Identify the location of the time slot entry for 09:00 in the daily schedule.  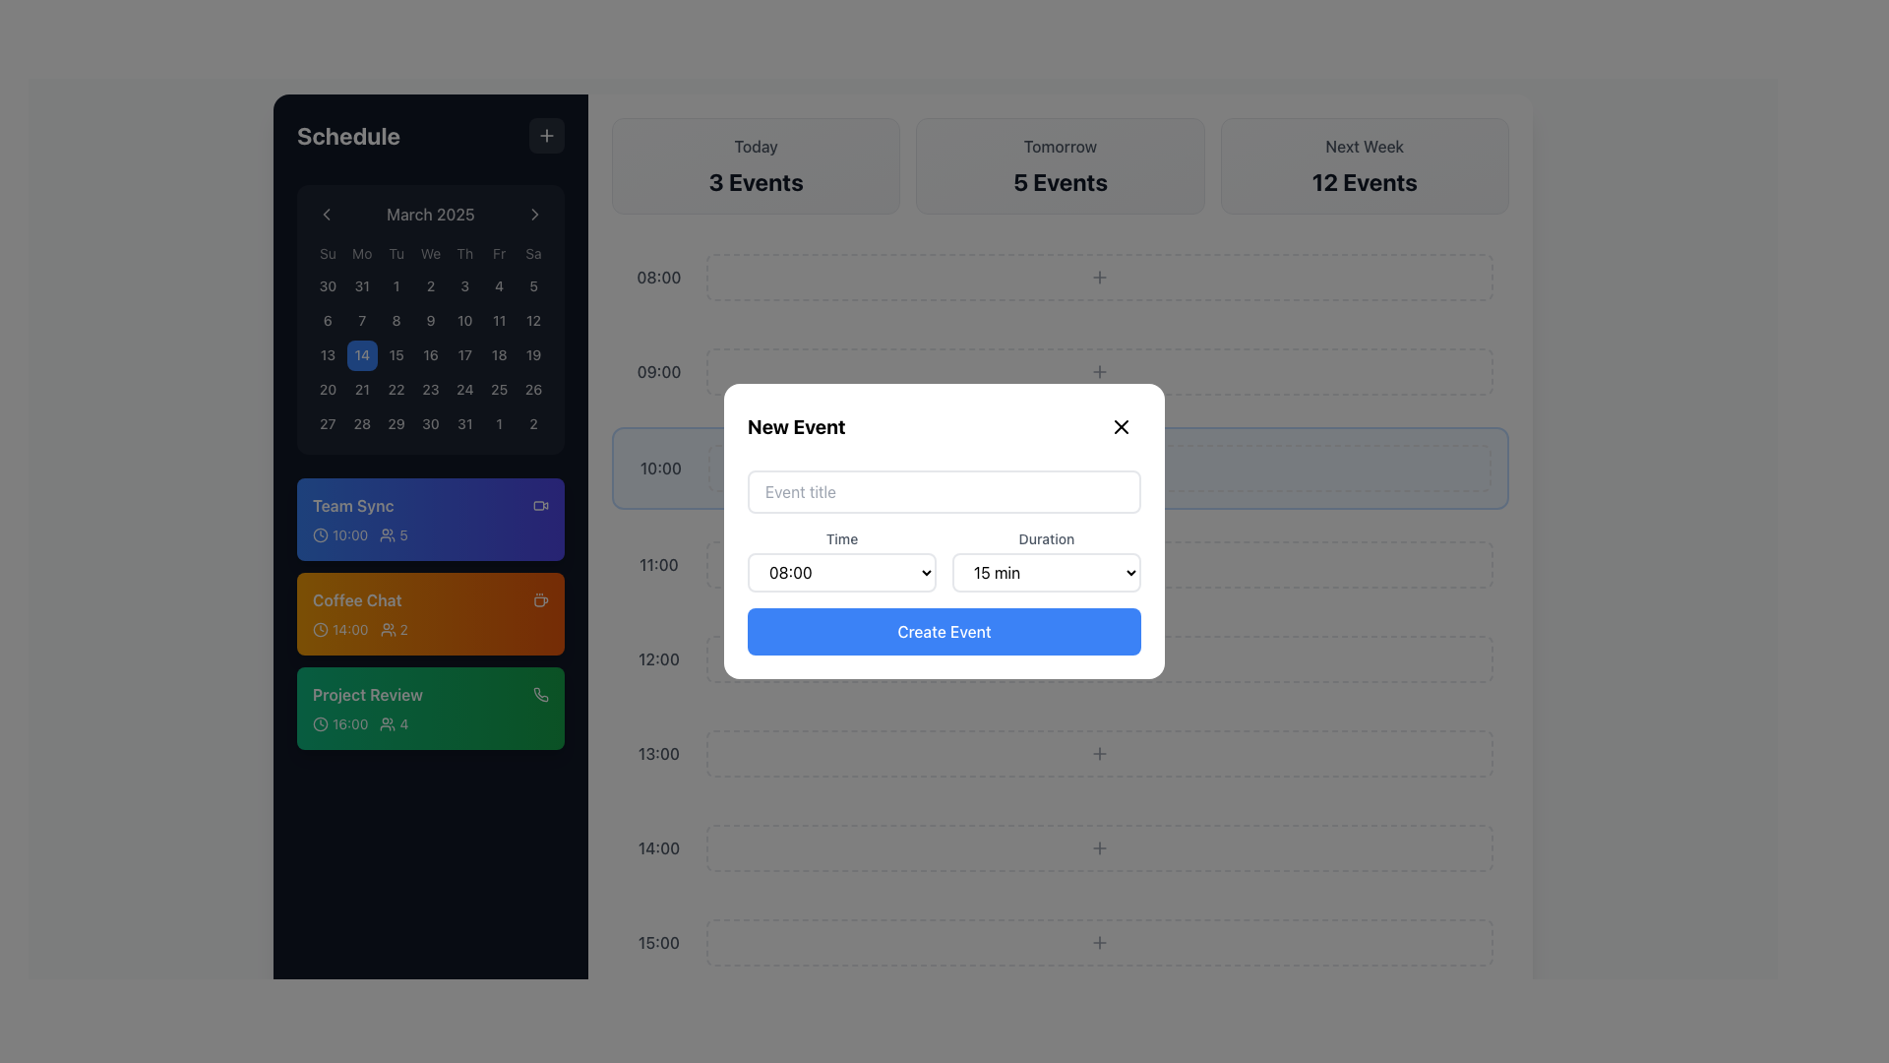
(1060, 372).